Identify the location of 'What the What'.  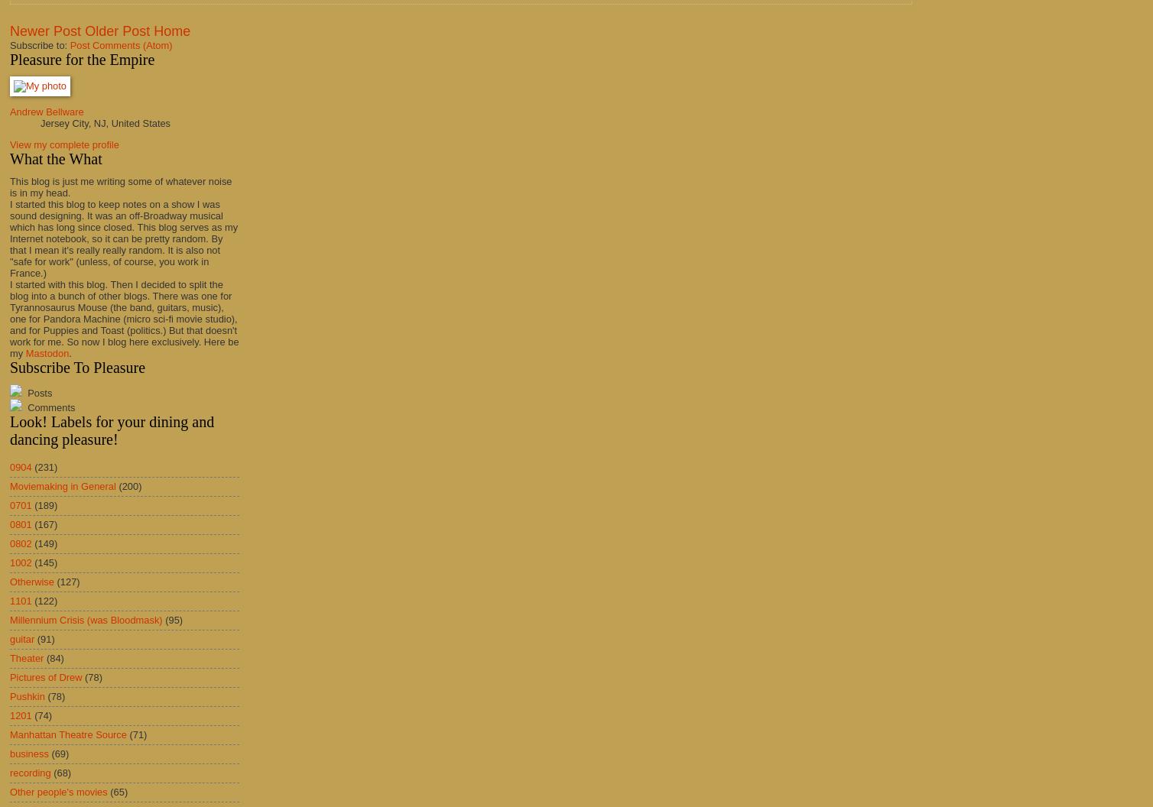
(55, 157).